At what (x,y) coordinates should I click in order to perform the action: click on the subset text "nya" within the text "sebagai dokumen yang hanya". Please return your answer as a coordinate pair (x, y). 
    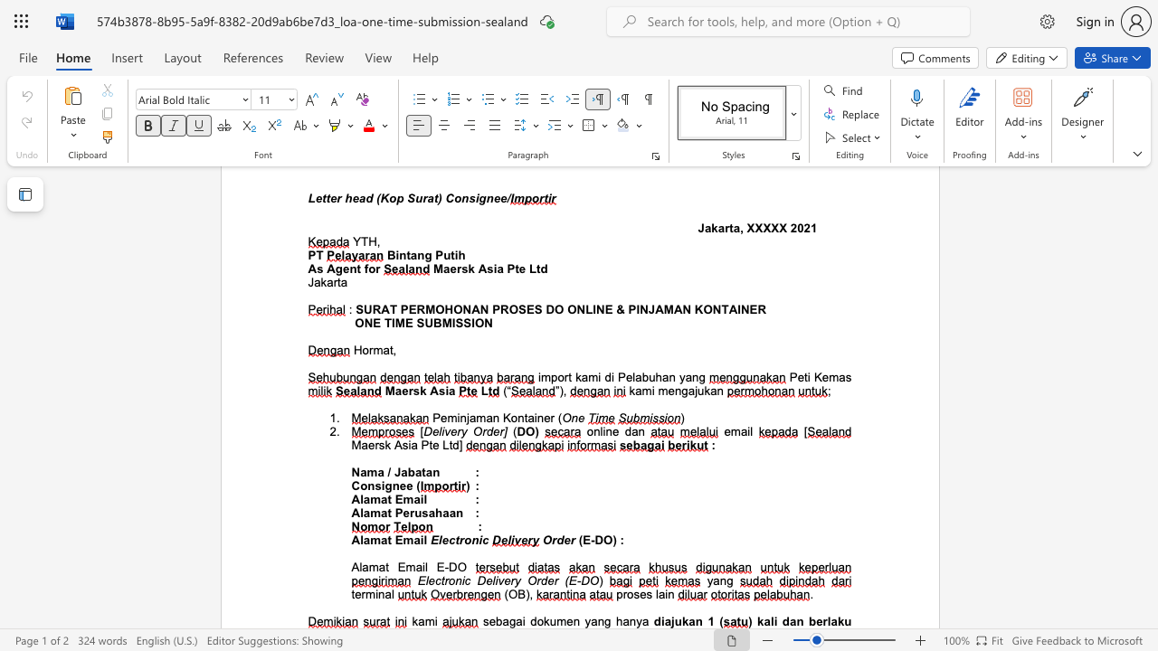
    Looking at the image, I should click on (629, 620).